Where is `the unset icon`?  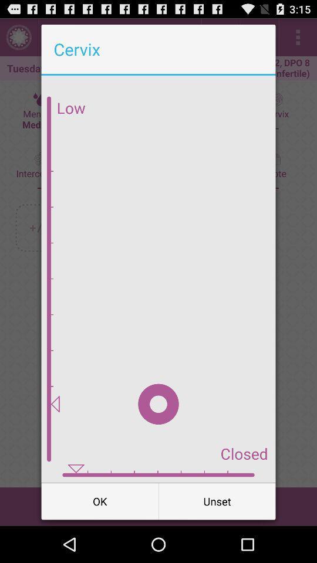
the unset icon is located at coordinates (217, 500).